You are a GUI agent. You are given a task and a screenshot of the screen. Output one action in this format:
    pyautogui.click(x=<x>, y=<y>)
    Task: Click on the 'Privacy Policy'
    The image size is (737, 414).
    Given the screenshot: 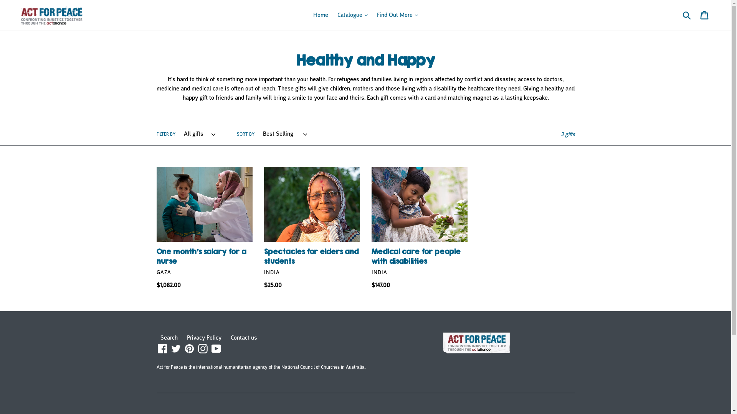 What is the action you would take?
    pyautogui.click(x=186, y=338)
    